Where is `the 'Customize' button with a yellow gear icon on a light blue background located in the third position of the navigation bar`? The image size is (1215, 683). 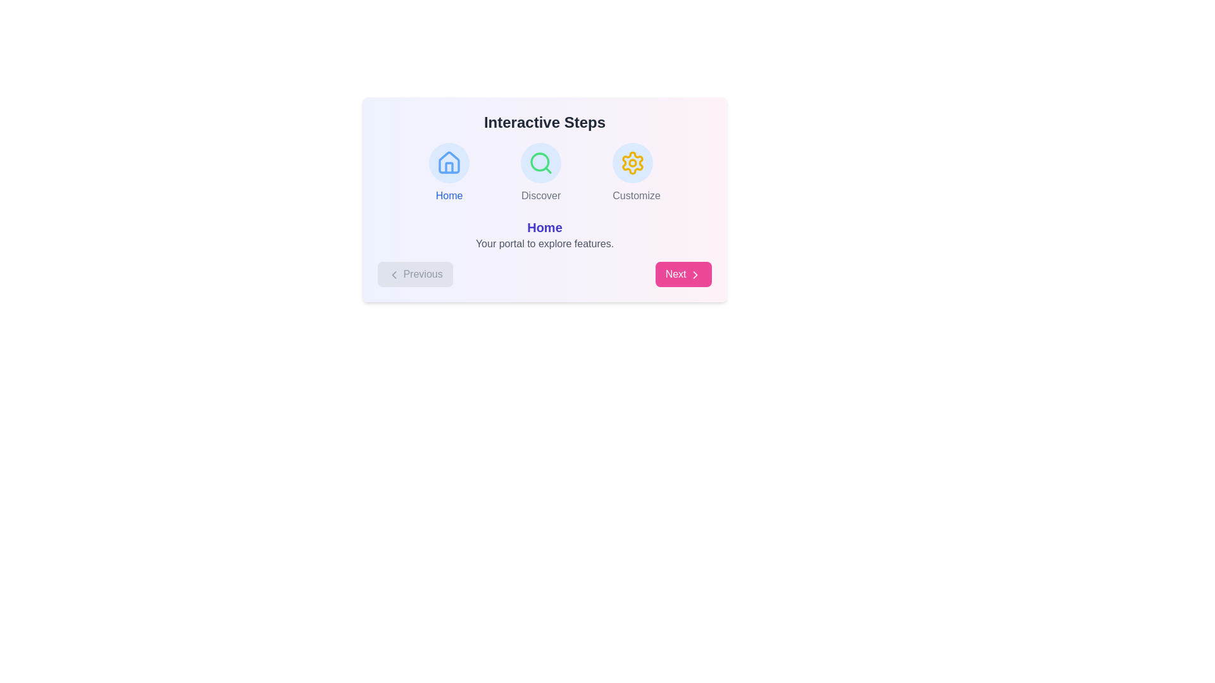
the 'Customize' button with a yellow gear icon on a light blue background located in the third position of the navigation bar is located at coordinates (637, 173).